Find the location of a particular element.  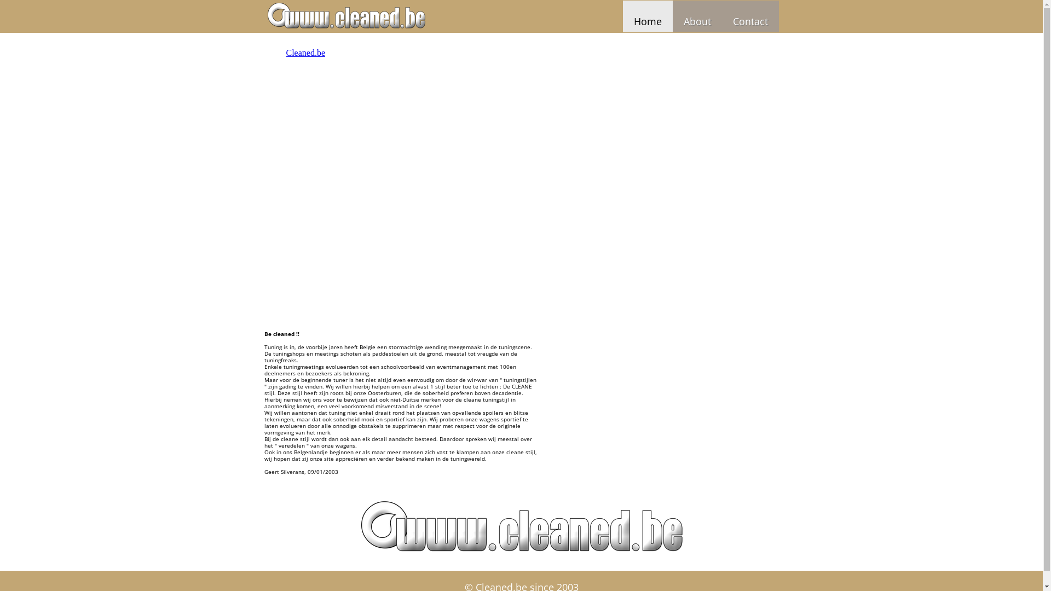

'About' is located at coordinates (696, 16).